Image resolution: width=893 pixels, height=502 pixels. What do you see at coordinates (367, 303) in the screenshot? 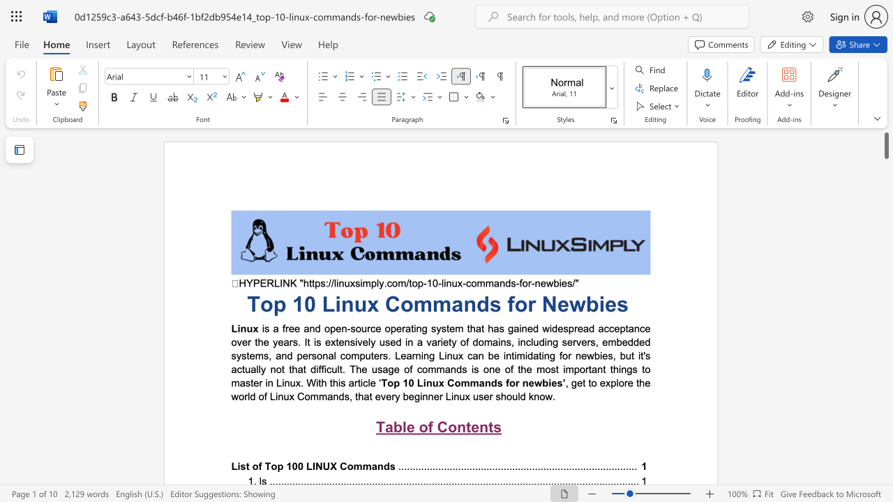
I see `the subset text "x Commands for New" within the text "Top 10 Linux Commands for Newbies"` at bounding box center [367, 303].